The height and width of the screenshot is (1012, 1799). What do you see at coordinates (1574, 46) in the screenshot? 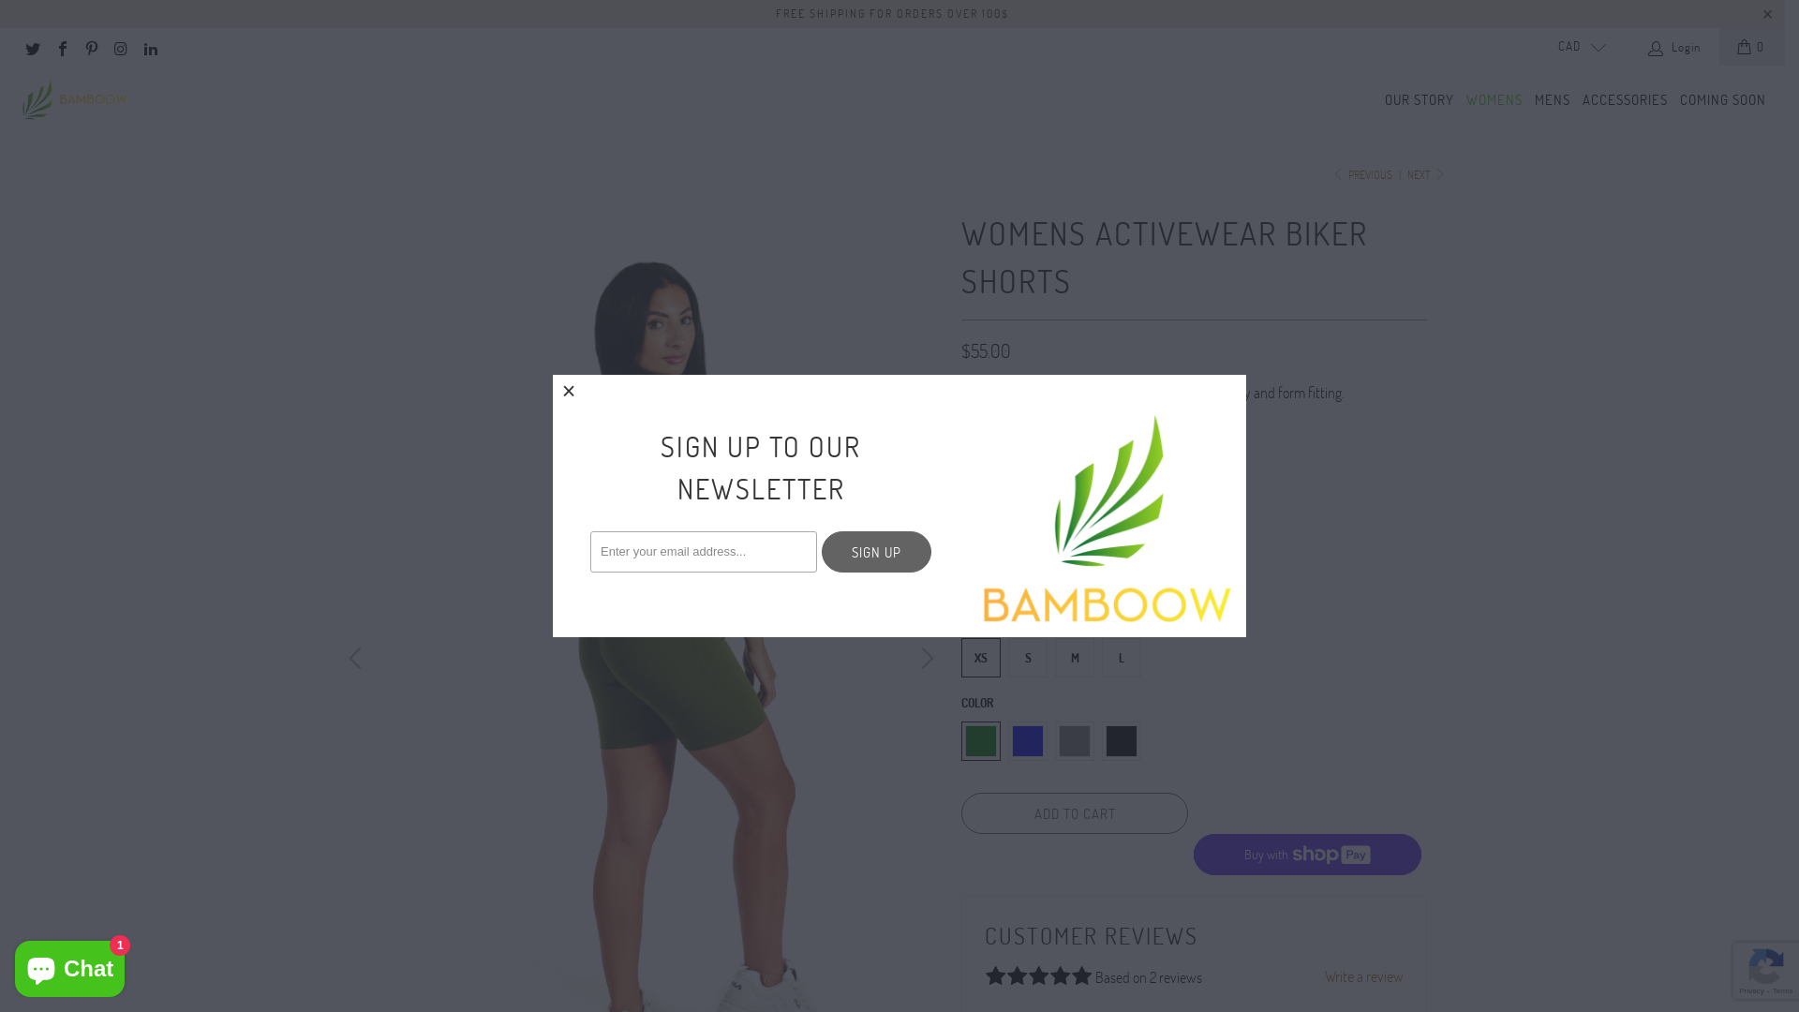
I see `'CAD'` at bounding box center [1574, 46].